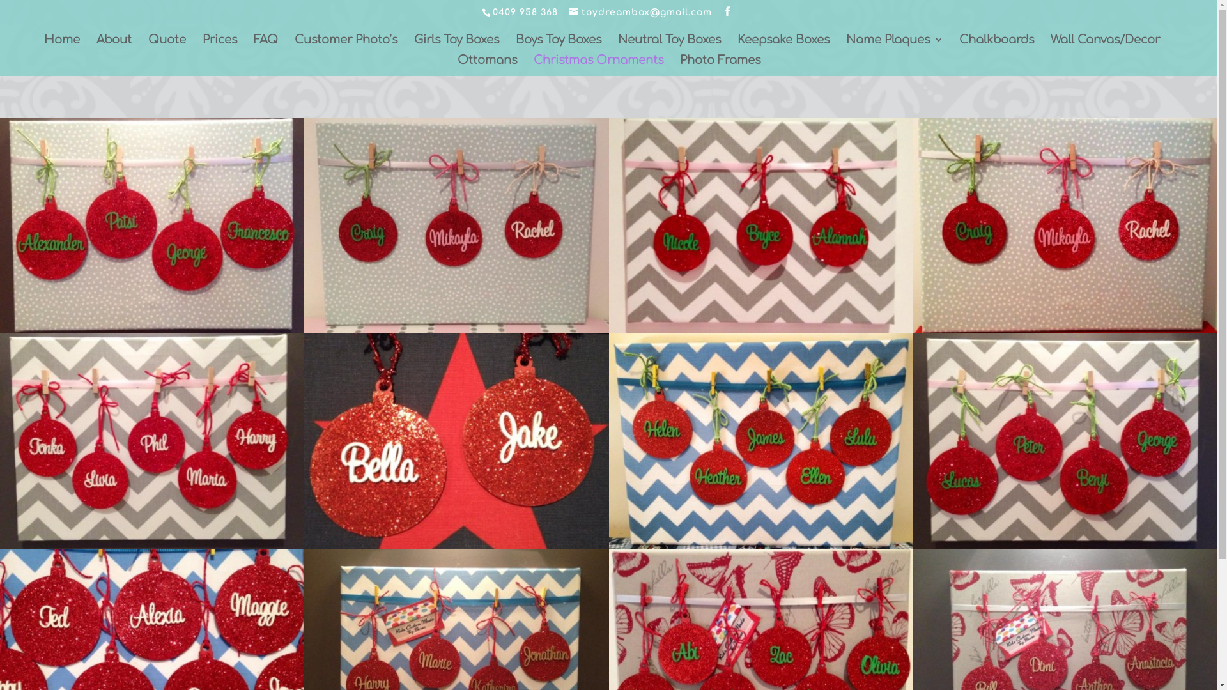  Describe the element at coordinates (166, 44) in the screenshot. I see `'Quote'` at that location.